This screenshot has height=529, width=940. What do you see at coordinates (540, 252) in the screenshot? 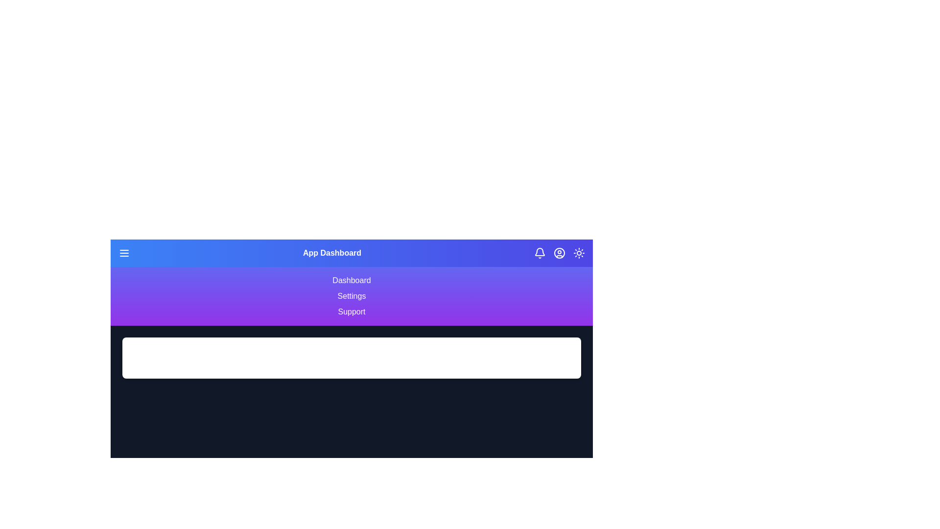
I see `the notification icon to interact with it` at bounding box center [540, 252].